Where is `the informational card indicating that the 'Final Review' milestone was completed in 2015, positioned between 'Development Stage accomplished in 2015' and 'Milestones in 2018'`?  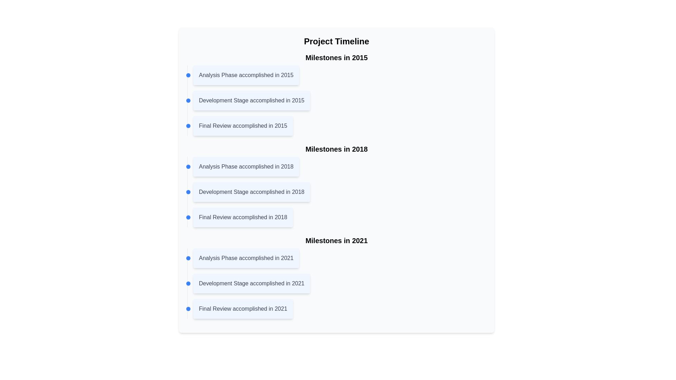
the informational card indicating that the 'Final Review' milestone was completed in 2015, positioned between 'Development Stage accomplished in 2015' and 'Milestones in 2018' is located at coordinates (243, 126).